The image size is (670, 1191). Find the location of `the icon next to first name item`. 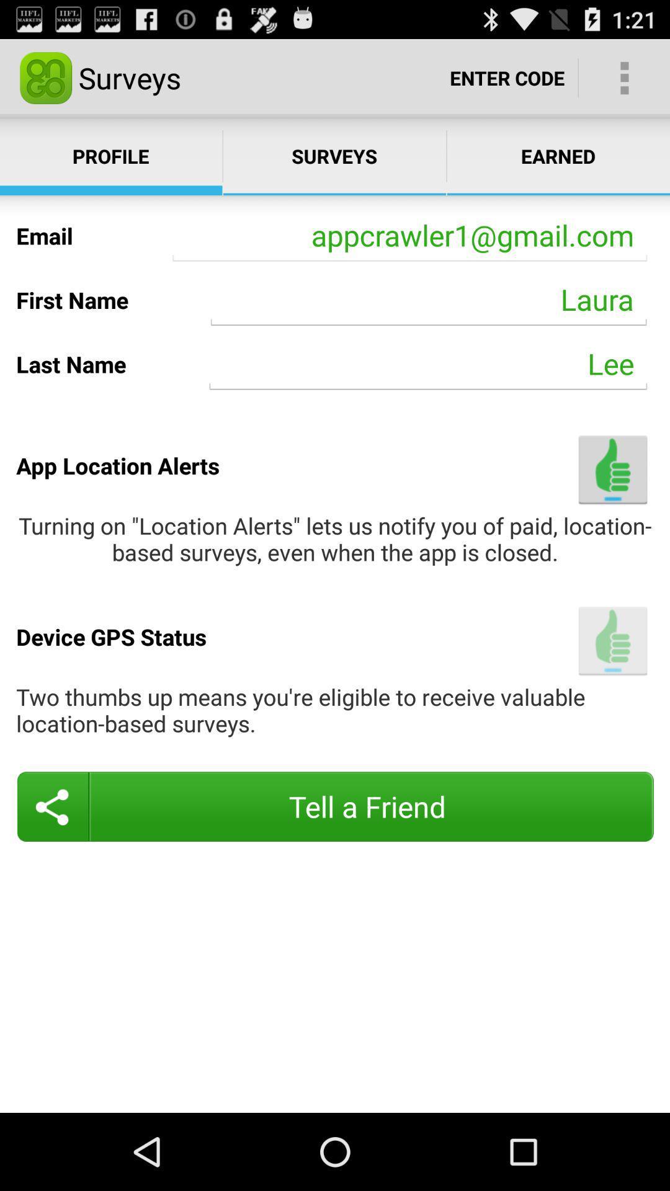

the icon next to first name item is located at coordinates (428, 300).